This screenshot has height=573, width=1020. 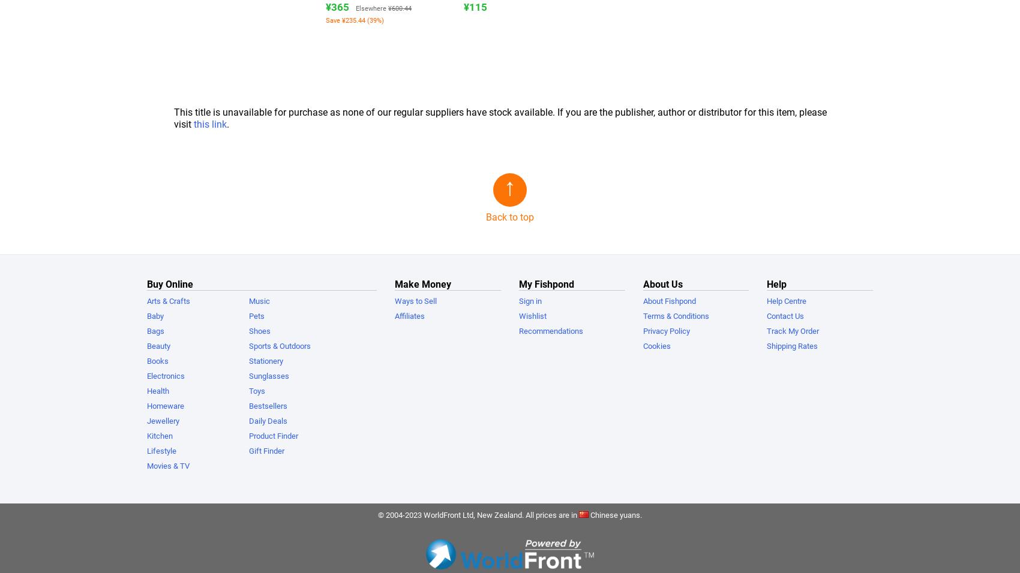 What do you see at coordinates (662, 284) in the screenshot?
I see `'About Us'` at bounding box center [662, 284].